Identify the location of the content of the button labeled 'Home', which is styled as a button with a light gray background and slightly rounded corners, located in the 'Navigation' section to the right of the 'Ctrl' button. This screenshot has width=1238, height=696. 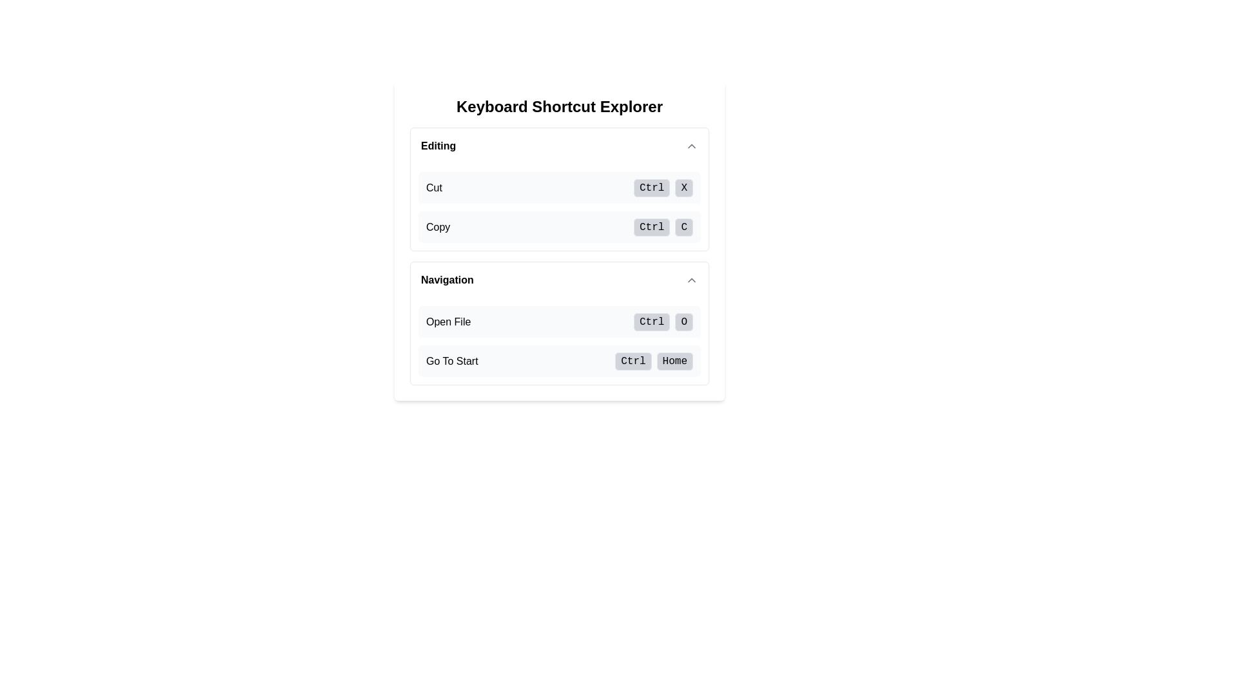
(674, 361).